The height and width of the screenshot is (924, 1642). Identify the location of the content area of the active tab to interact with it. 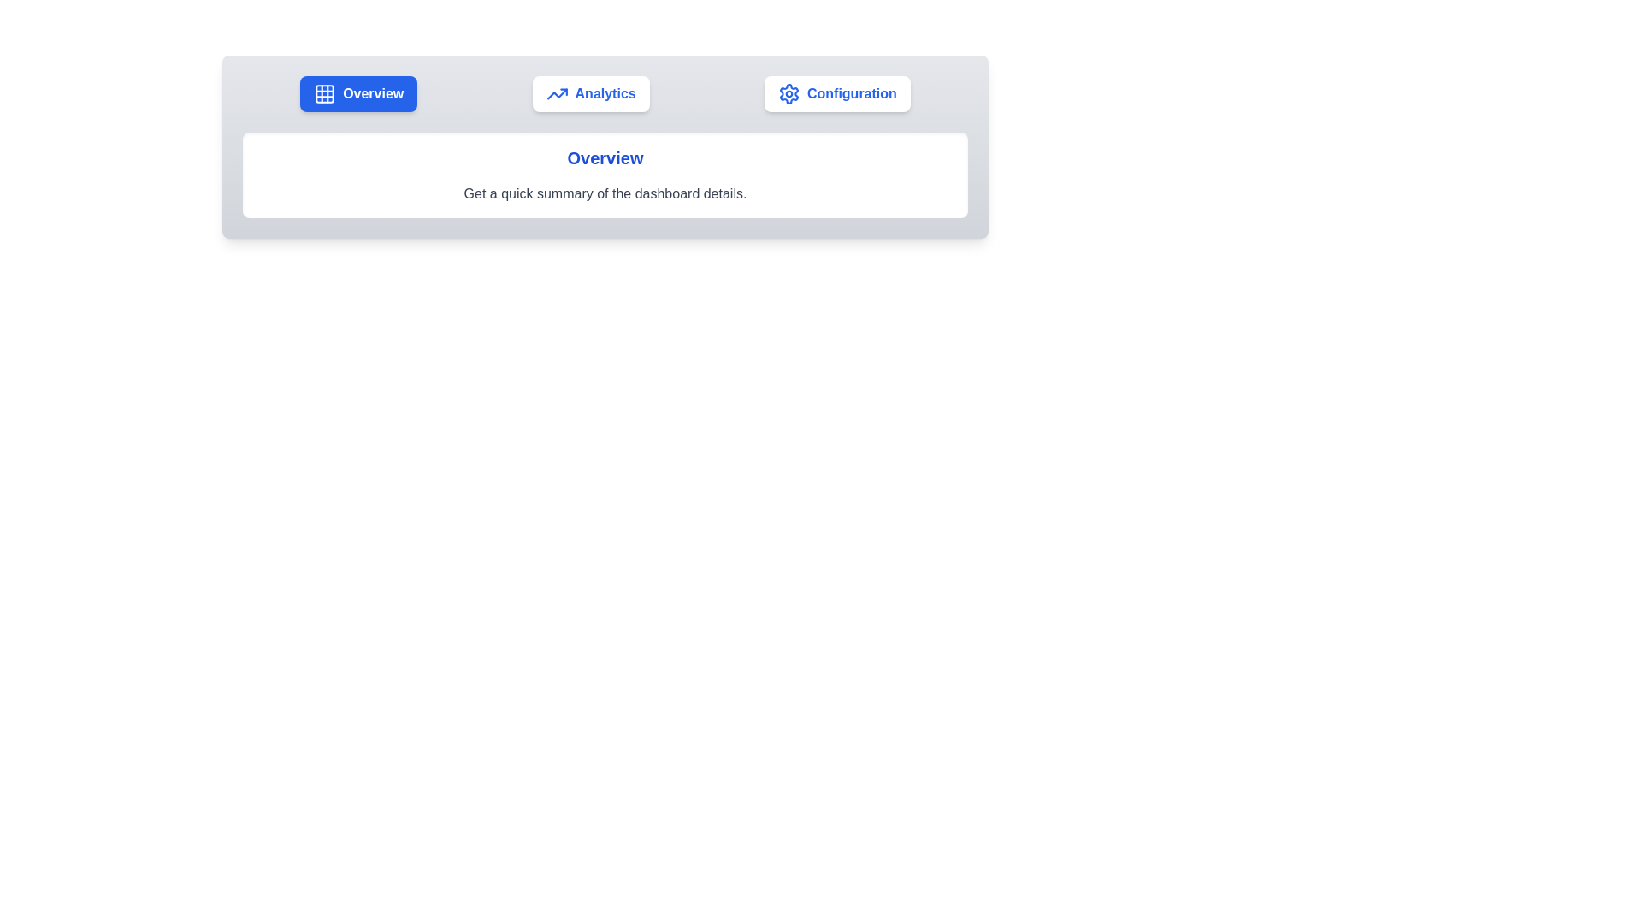
(605, 175).